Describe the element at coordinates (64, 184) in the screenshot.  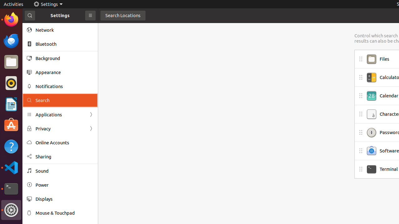
I see `'Power'` at that location.